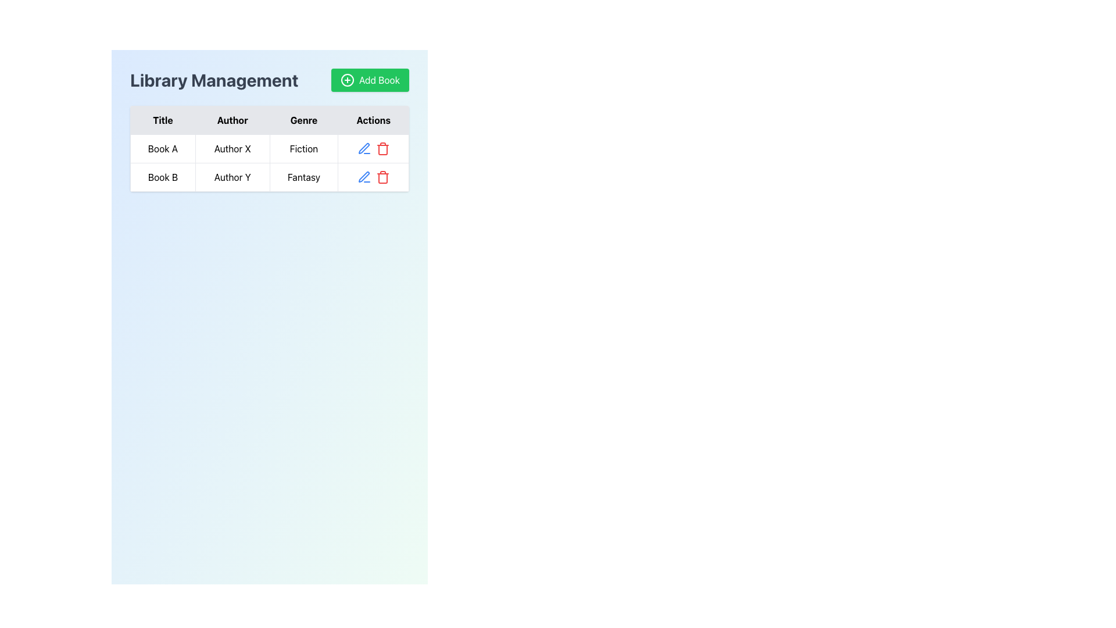 Image resolution: width=1116 pixels, height=628 pixels. What do you see at coordinates (162, 148) in the screenshot?
I see `the text label representing the title of a book in the first row of the table under the 'Title' column` at bounding box center [162, 148].